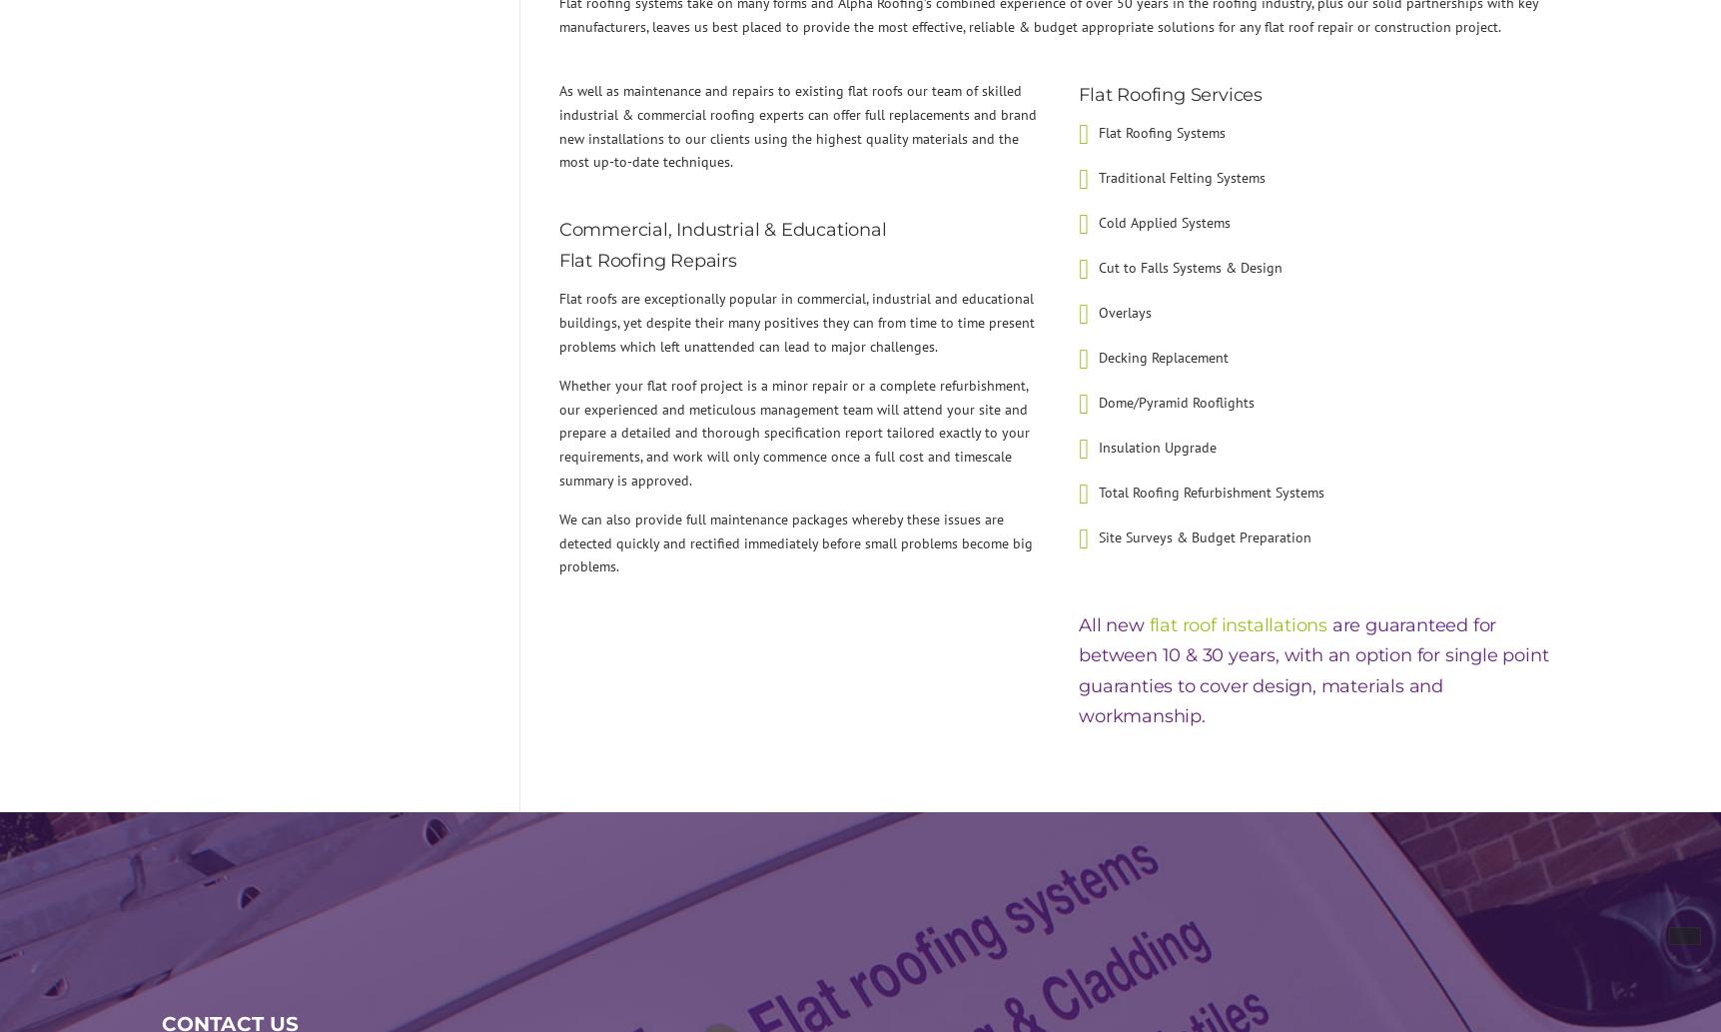 Image resolution: width=1721 pixels, height=1032 pixels. I want to click on 'Flat Roofing Systems', so click(1098, 132).